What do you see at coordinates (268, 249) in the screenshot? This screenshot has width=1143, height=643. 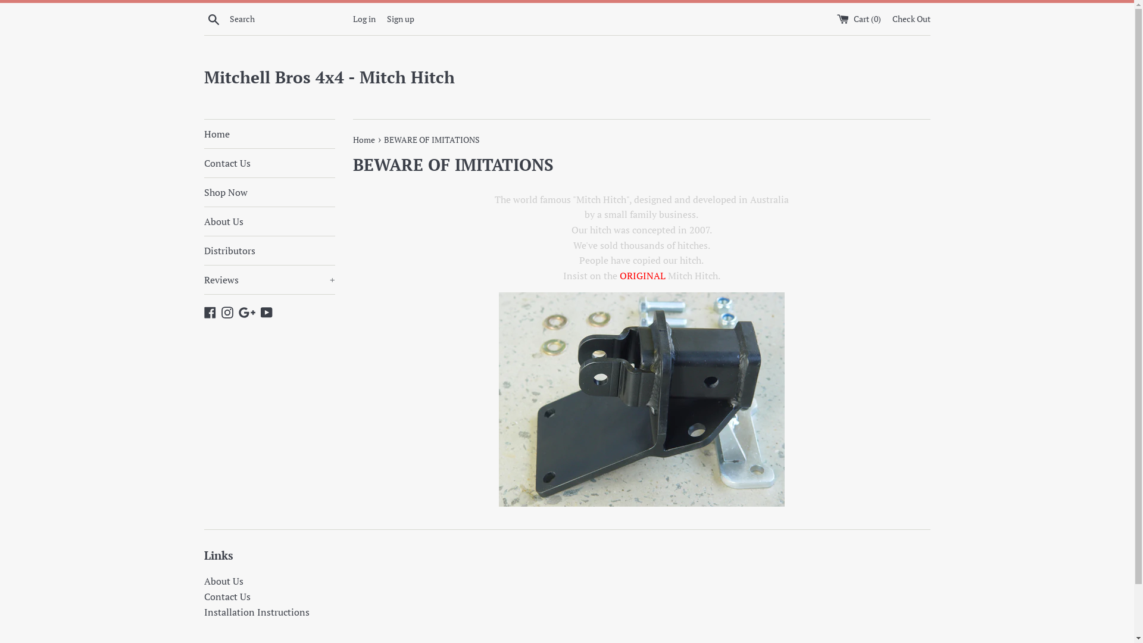 I see `'Distributors'` at bounding box center [268, 249].